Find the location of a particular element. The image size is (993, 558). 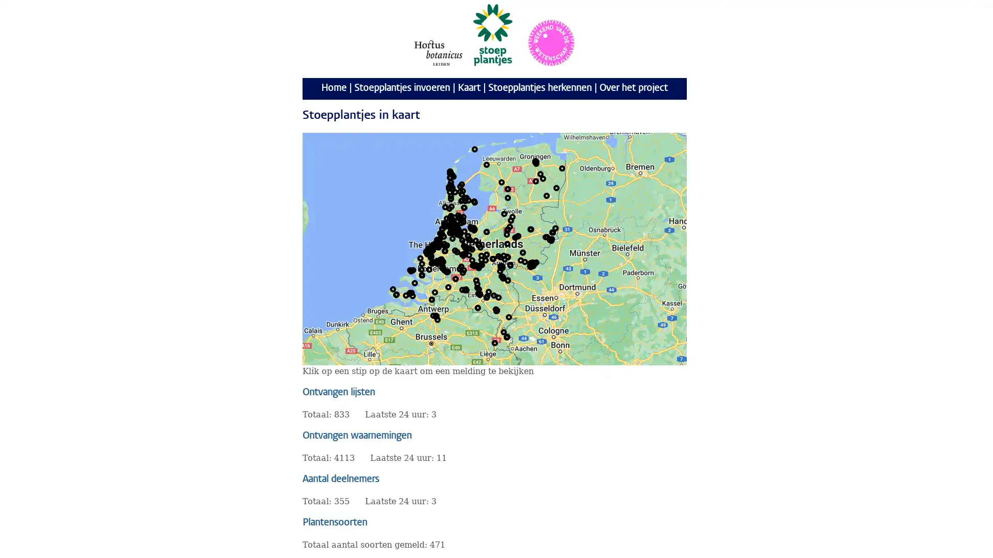

Telling van op 01 juni 2022 is located at coordinates (531, 228).